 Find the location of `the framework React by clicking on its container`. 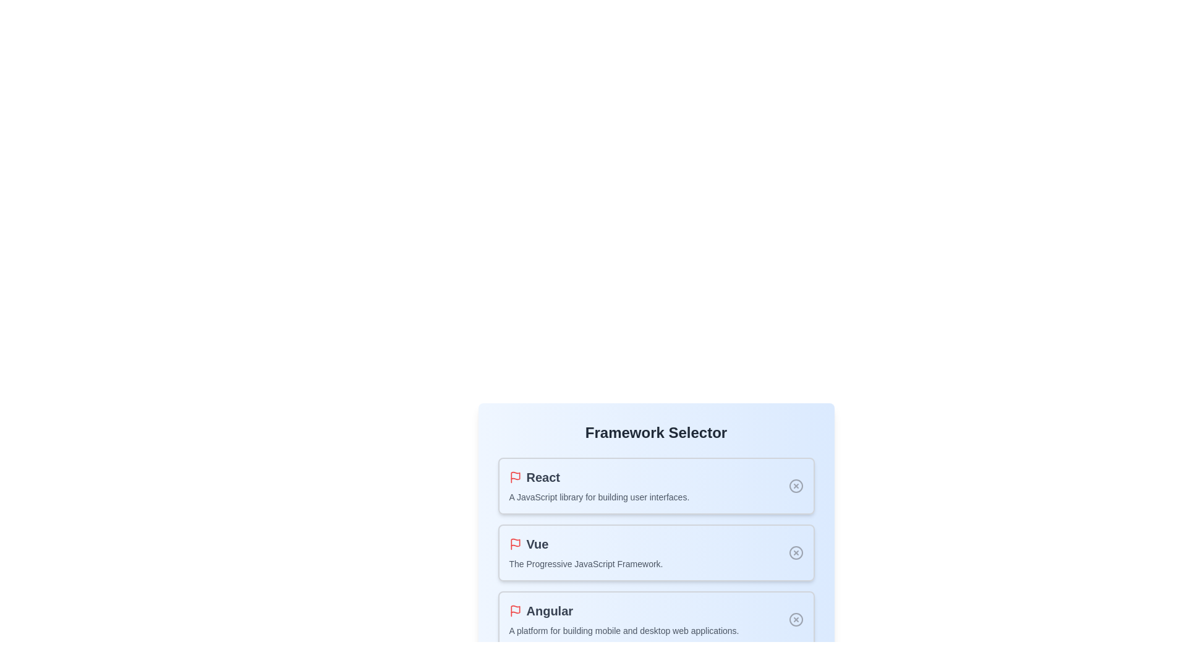

the framework React by clicking on its container is located at coordinates (655, 486).